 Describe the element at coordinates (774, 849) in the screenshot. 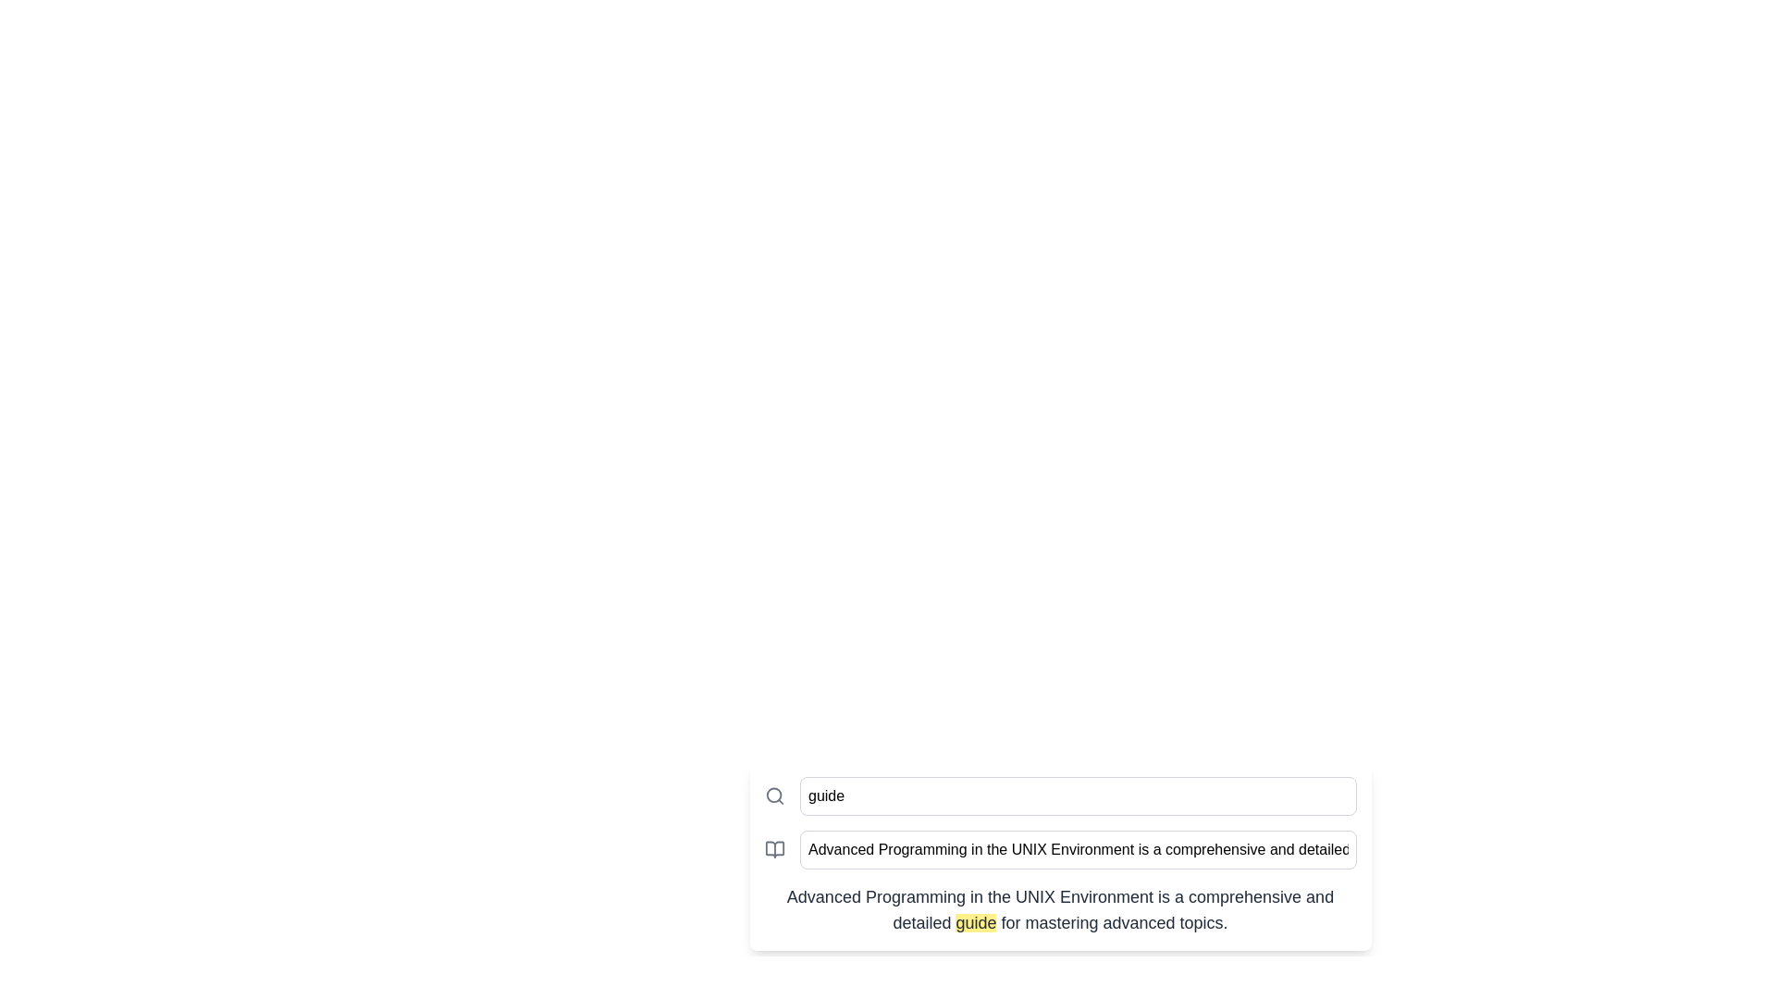

I see `the open book icon, which is a minimalist gray design indicating reading or documentation, located to the left of the text field about 'Advanced Programming in the UNIX Environment'` at that location.